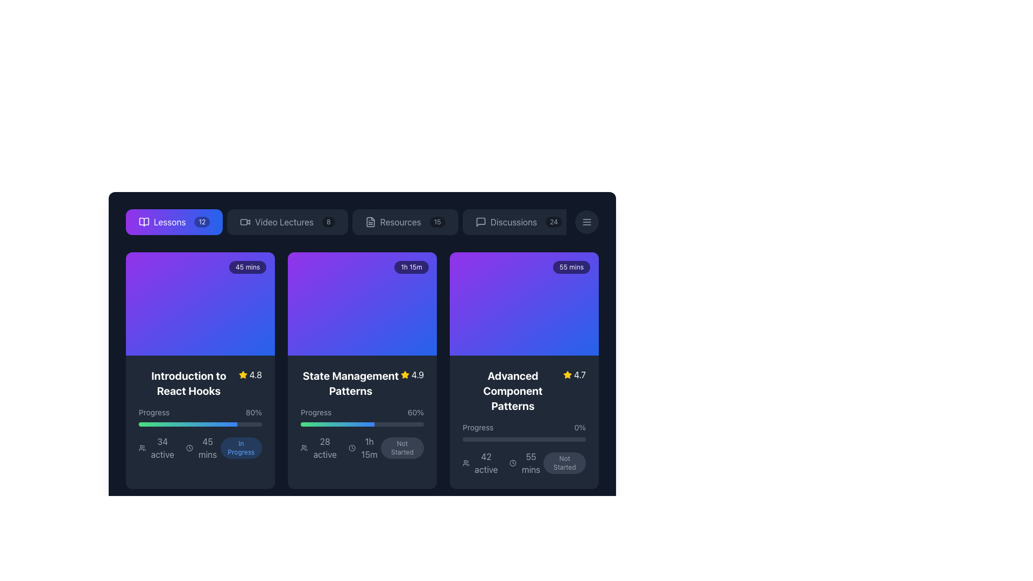 This screenshot has width=1033, height=581. Describe the element at coordinates (175, 424) in the screenshot. I see `the progress bar` at that location.